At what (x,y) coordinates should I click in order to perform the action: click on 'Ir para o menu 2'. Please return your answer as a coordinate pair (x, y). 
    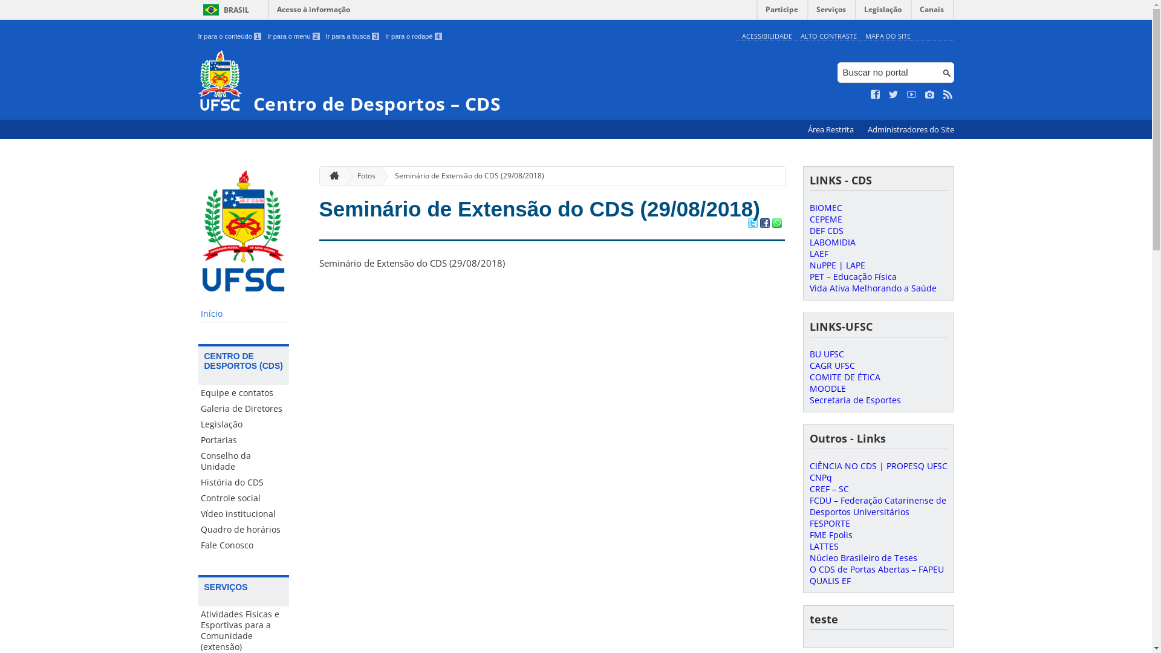
    Looking at the image, I should click on (266, 36).